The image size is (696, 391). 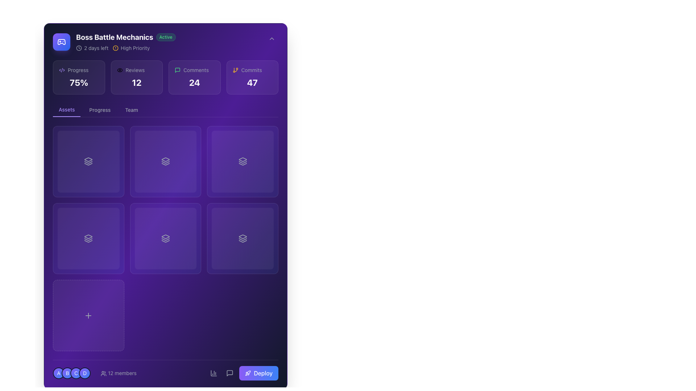 What do you see at coordinates (88, 159) in the screenshot?
I see `the minimalistic layered stack icon located in the top-left cell of the grid structure` at bounding box center [88, 159].